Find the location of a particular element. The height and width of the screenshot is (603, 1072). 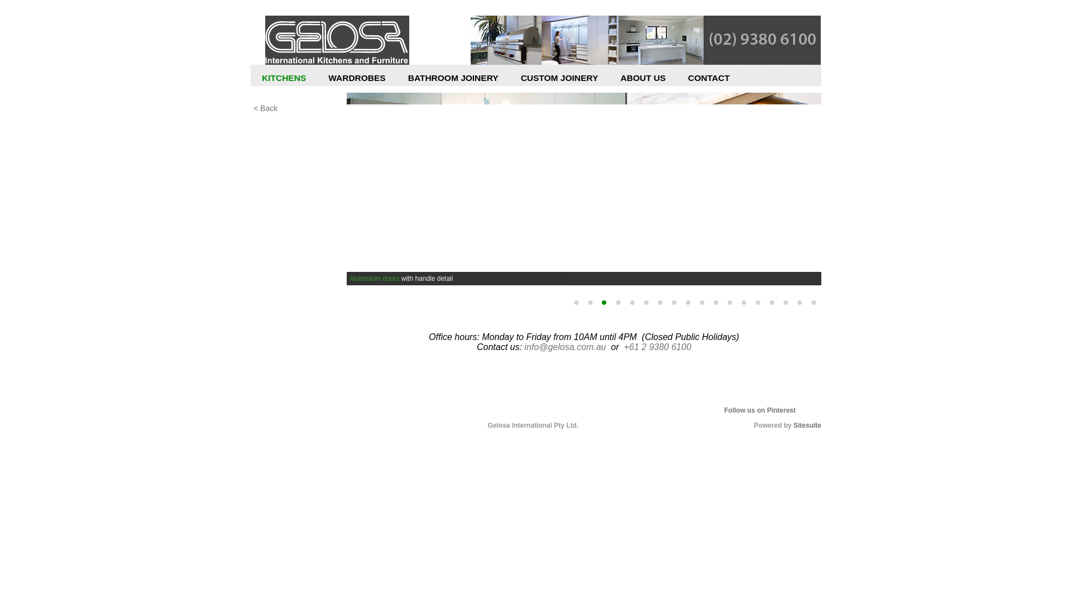

'Follow us on Pinterest' is located at coordinates (724, 410).